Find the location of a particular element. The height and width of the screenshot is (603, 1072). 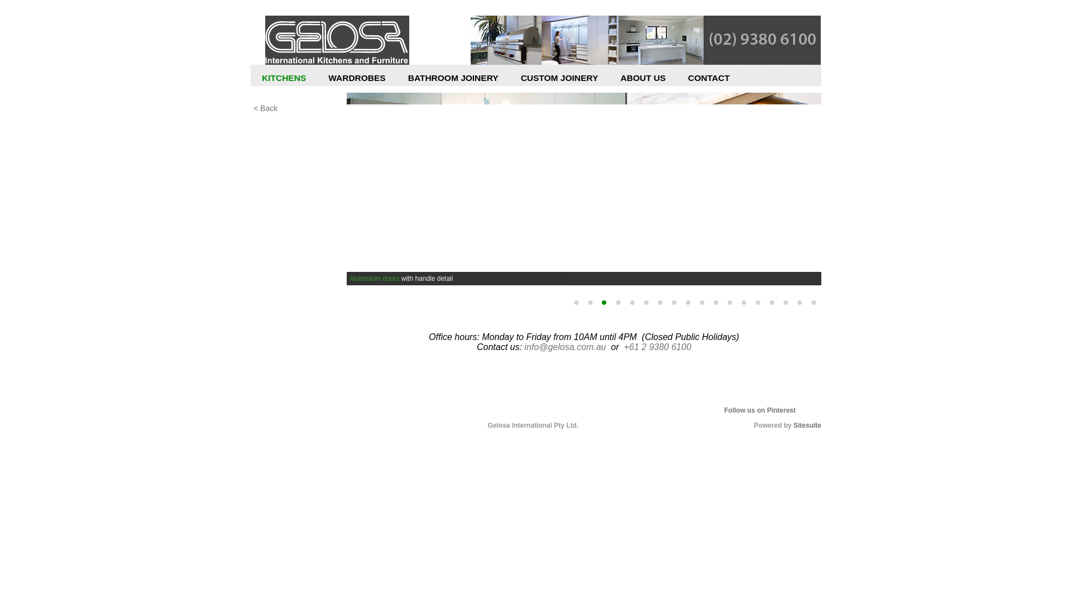

'Follow us on Pinterest' is located at coordinates (724, 410).